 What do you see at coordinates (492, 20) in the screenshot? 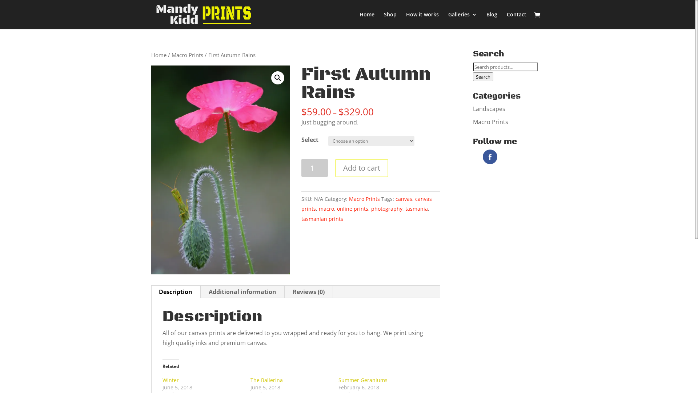
I see `'Blog'` at bounding box center [492, 20].